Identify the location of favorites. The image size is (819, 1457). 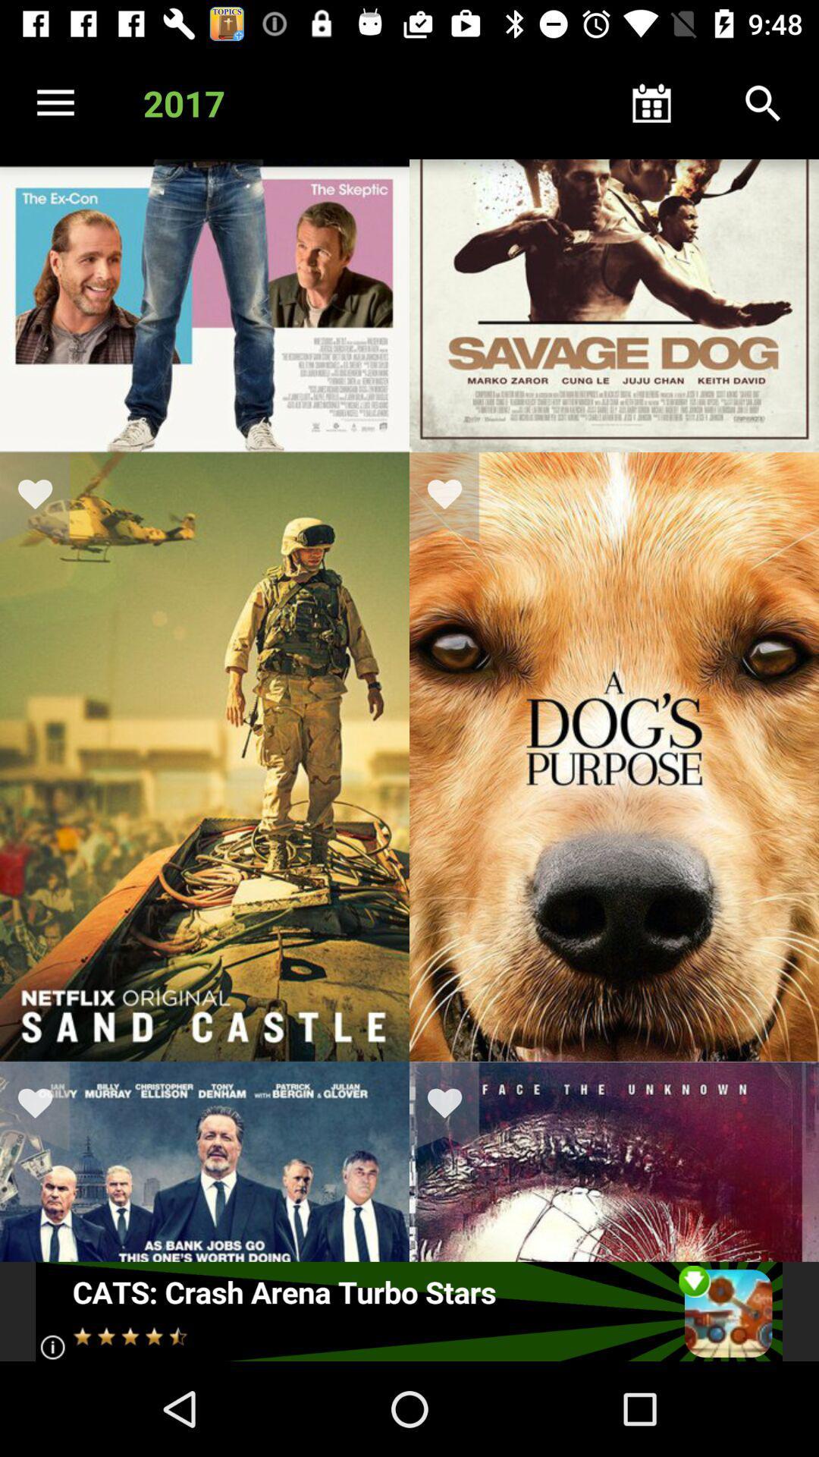
(44, 1106).